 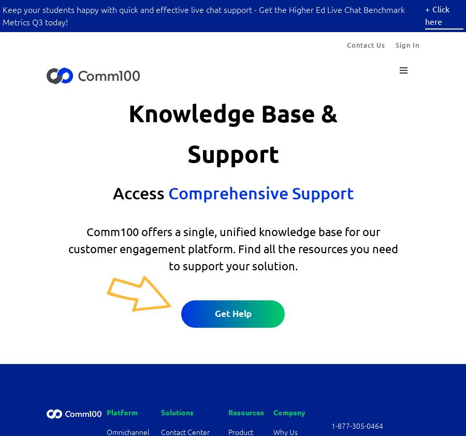 What do you see at coordinates (177, 412) in the screenshot?
I see `'Solutions'` at bounding box center [177, 412].